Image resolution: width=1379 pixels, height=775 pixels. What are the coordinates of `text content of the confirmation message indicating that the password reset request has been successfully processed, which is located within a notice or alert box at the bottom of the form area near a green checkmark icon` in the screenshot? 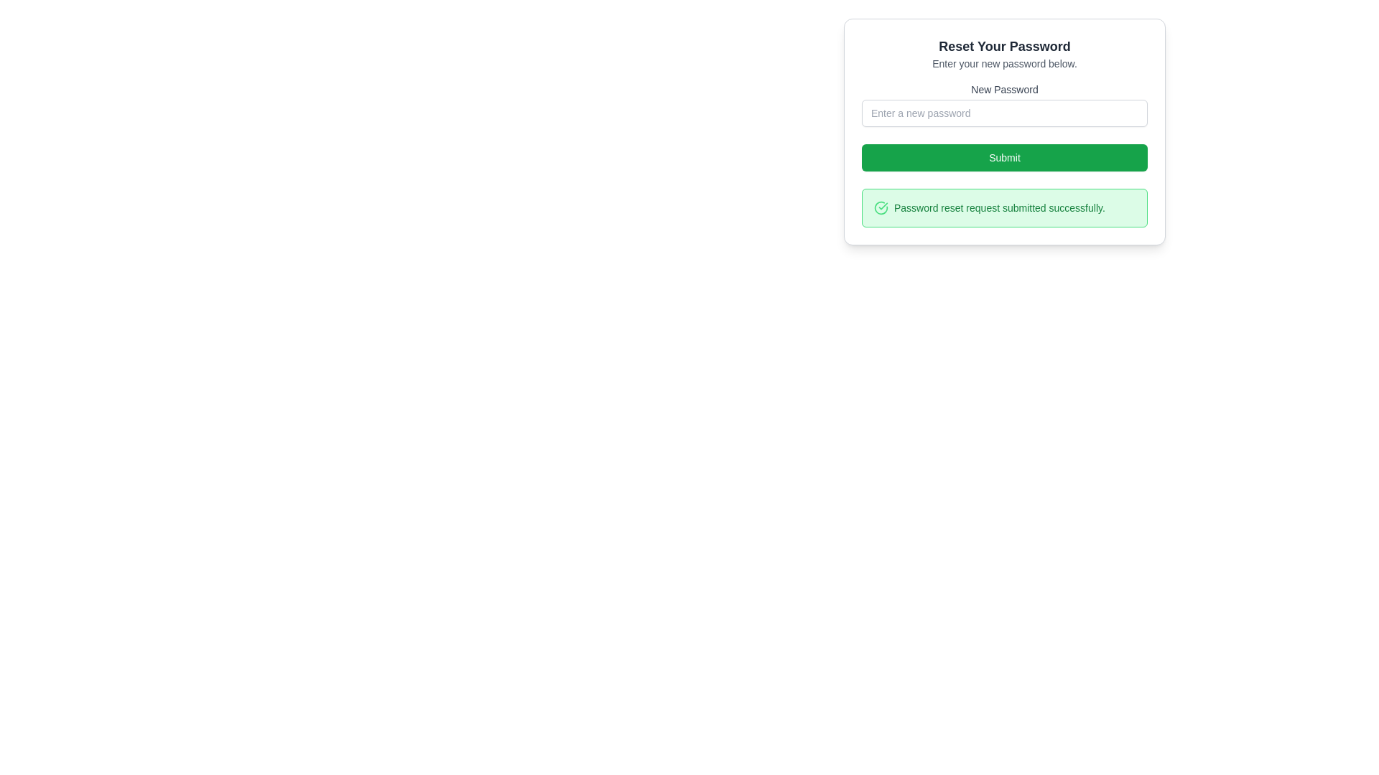 It's located at (1003, 207).